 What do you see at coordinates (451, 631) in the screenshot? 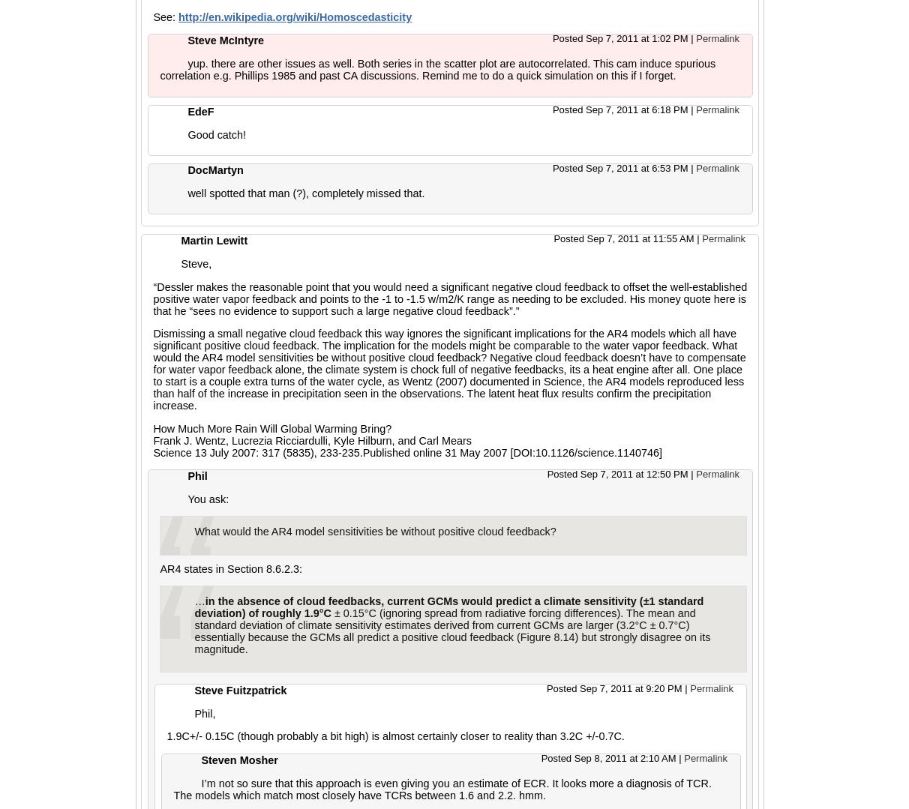
I see `'± 0.15°C (ignoring spread from radiative forcing differences). The mean and standard deviation of climate sensitivity estimates derived from current GCMs are larger (3.2°C ± 0.7°C) essentially because the GCMs all predict a positive cloud feedback (Figure 8.14) but strongly disagree on its magnitude.'` at bounding box center [451, 631].